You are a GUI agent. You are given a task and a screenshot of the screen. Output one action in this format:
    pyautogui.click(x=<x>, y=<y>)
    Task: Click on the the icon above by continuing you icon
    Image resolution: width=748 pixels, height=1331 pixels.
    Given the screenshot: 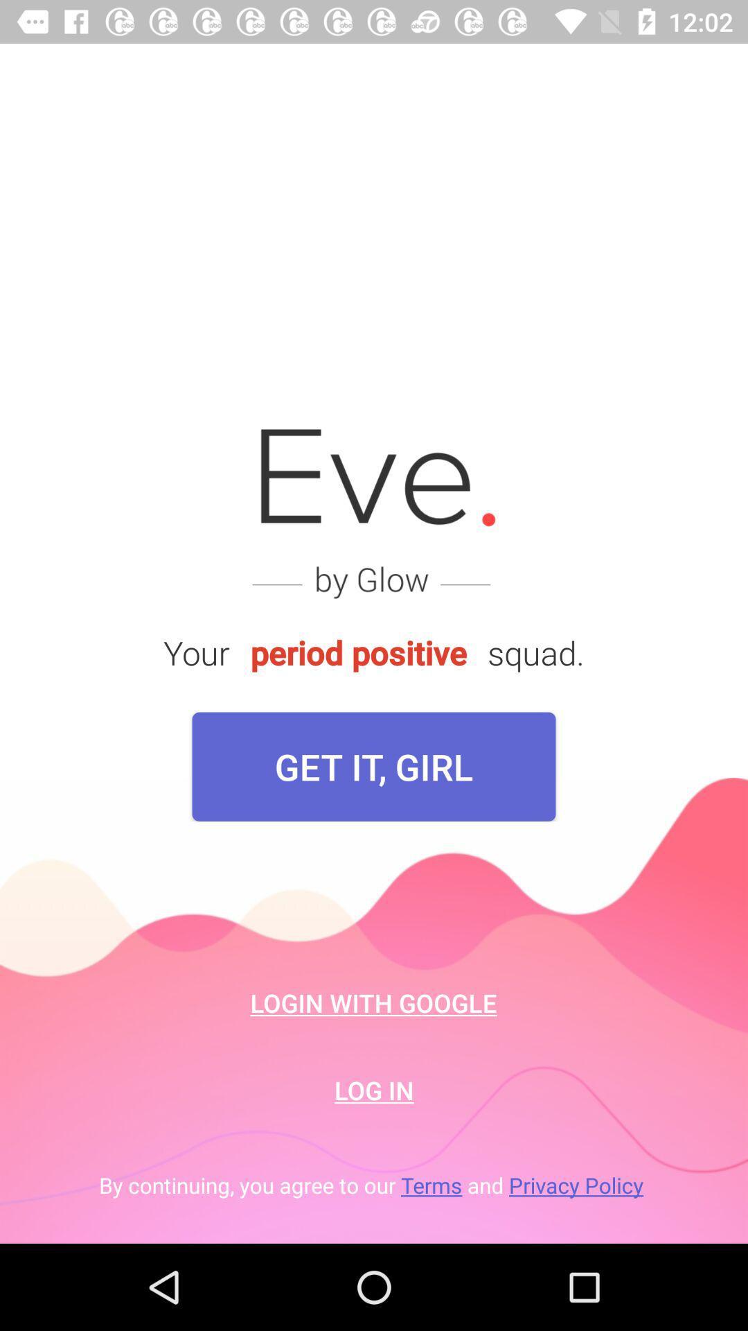 What is the action you would take?
    pyautogui.click(x=374, y=1089)
    